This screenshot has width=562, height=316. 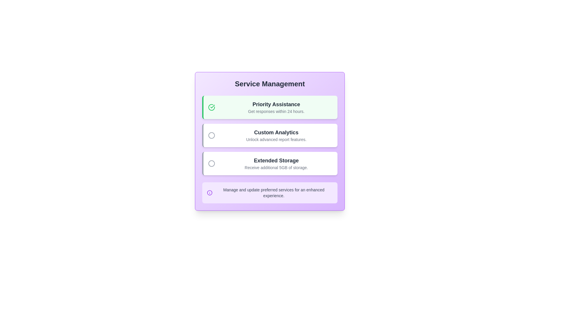 I want to click on the text block that displays 'Custom Analytics' and 'Unlock advanced report features.', so click(x=276, y=135).